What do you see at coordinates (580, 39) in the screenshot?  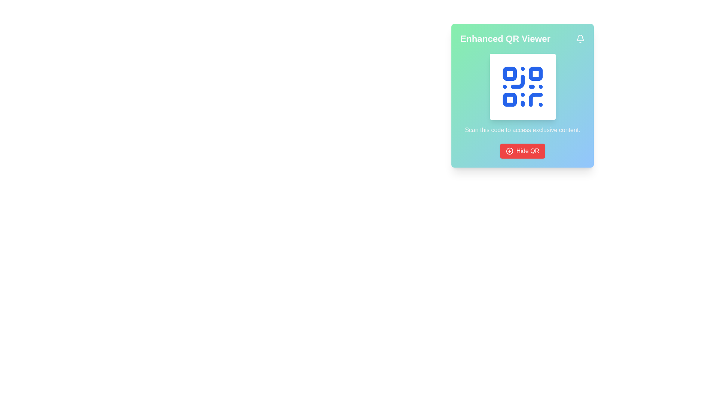 I see `the bell icon in the top-right corner of the header section labeled 'Enhanced QR Viewer'` at bounding box center [580, 39].